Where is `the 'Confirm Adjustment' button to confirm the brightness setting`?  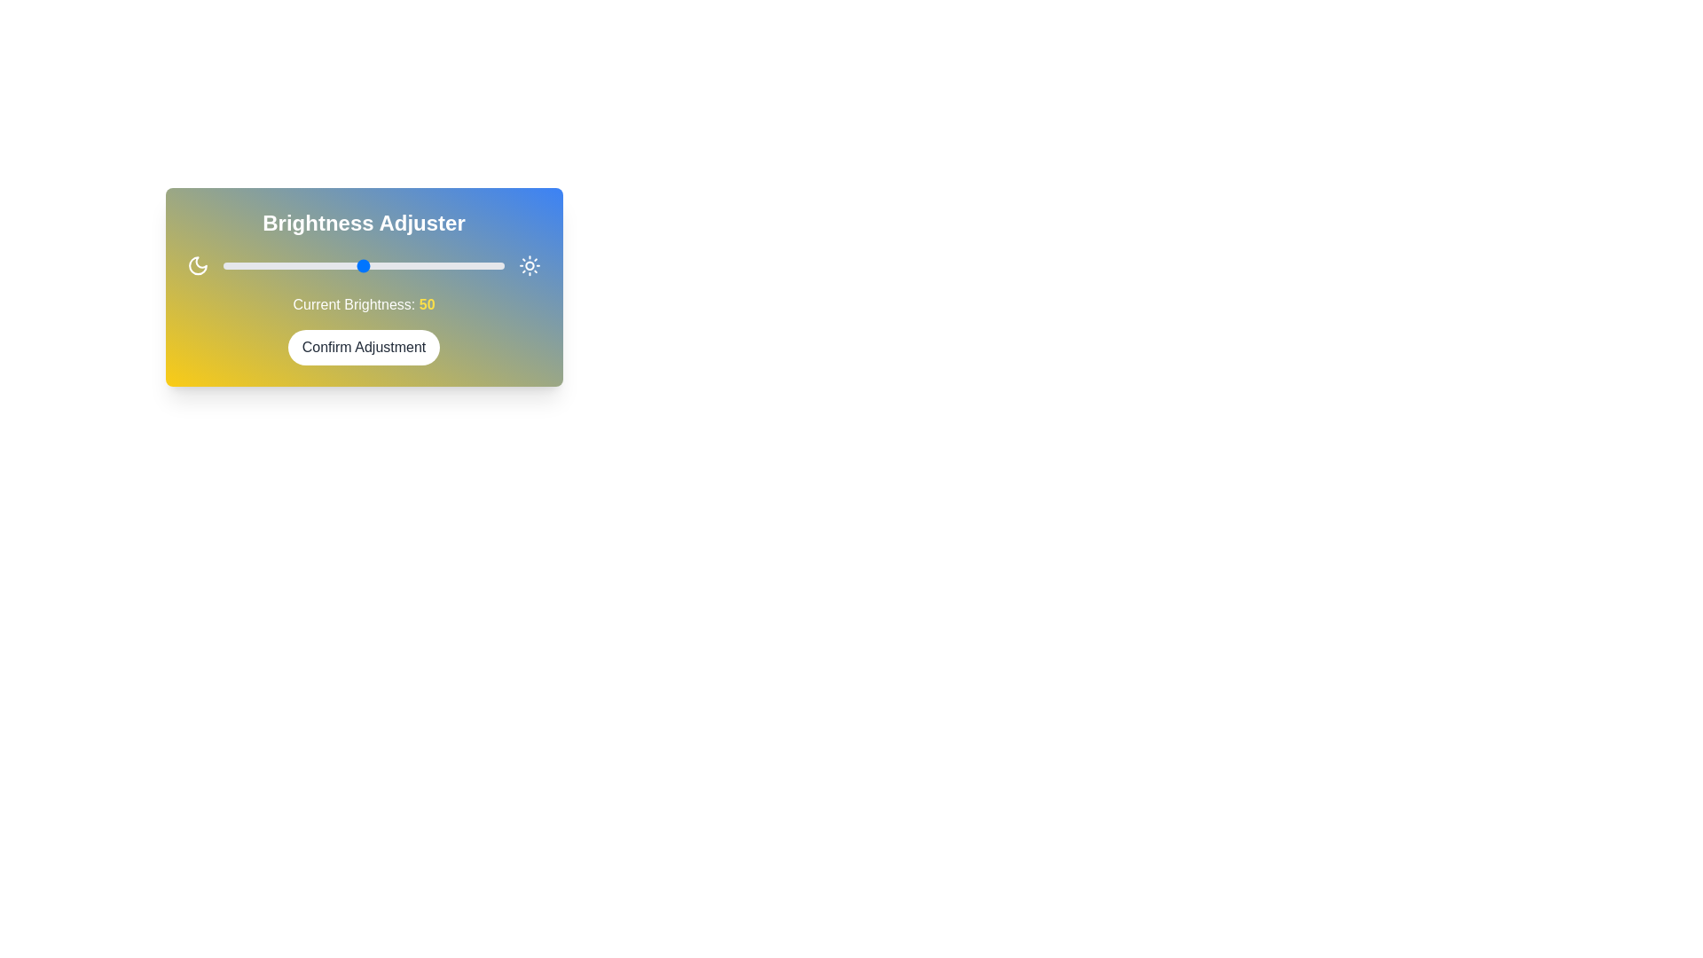 the 'Confirm Adjustment' button to confirm the brightness setting is located at coordinates (363, 348).